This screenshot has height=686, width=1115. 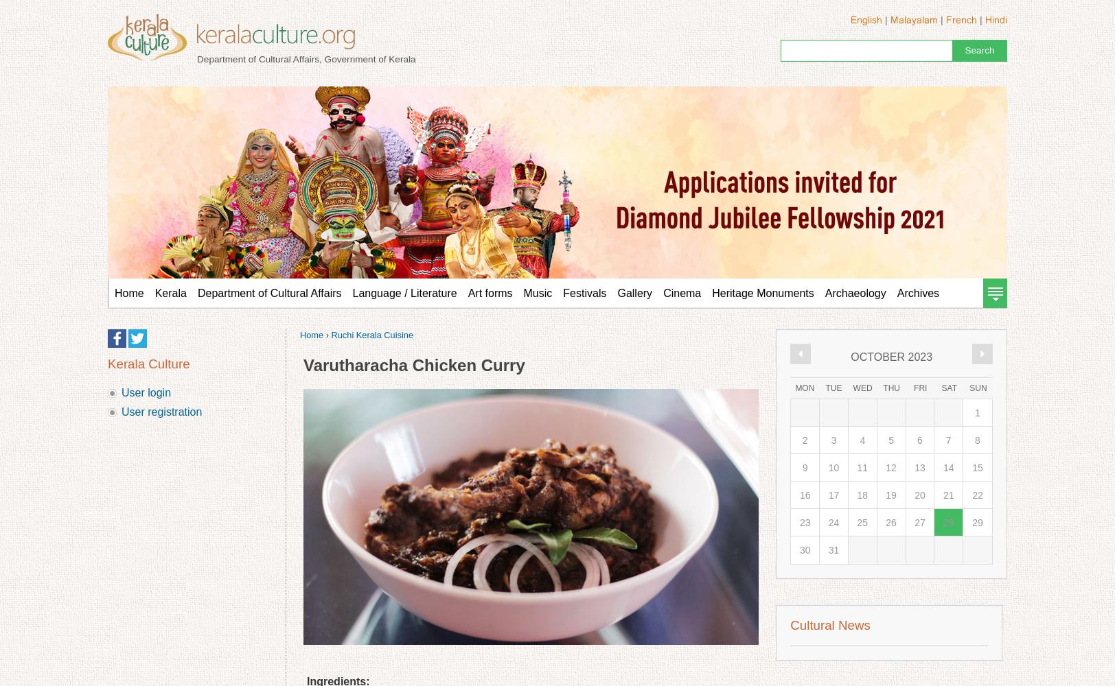 What do you see at coordinates (187, 322) in the screenshot?
I see `'Contact us'` at bounding box center [187, 322].